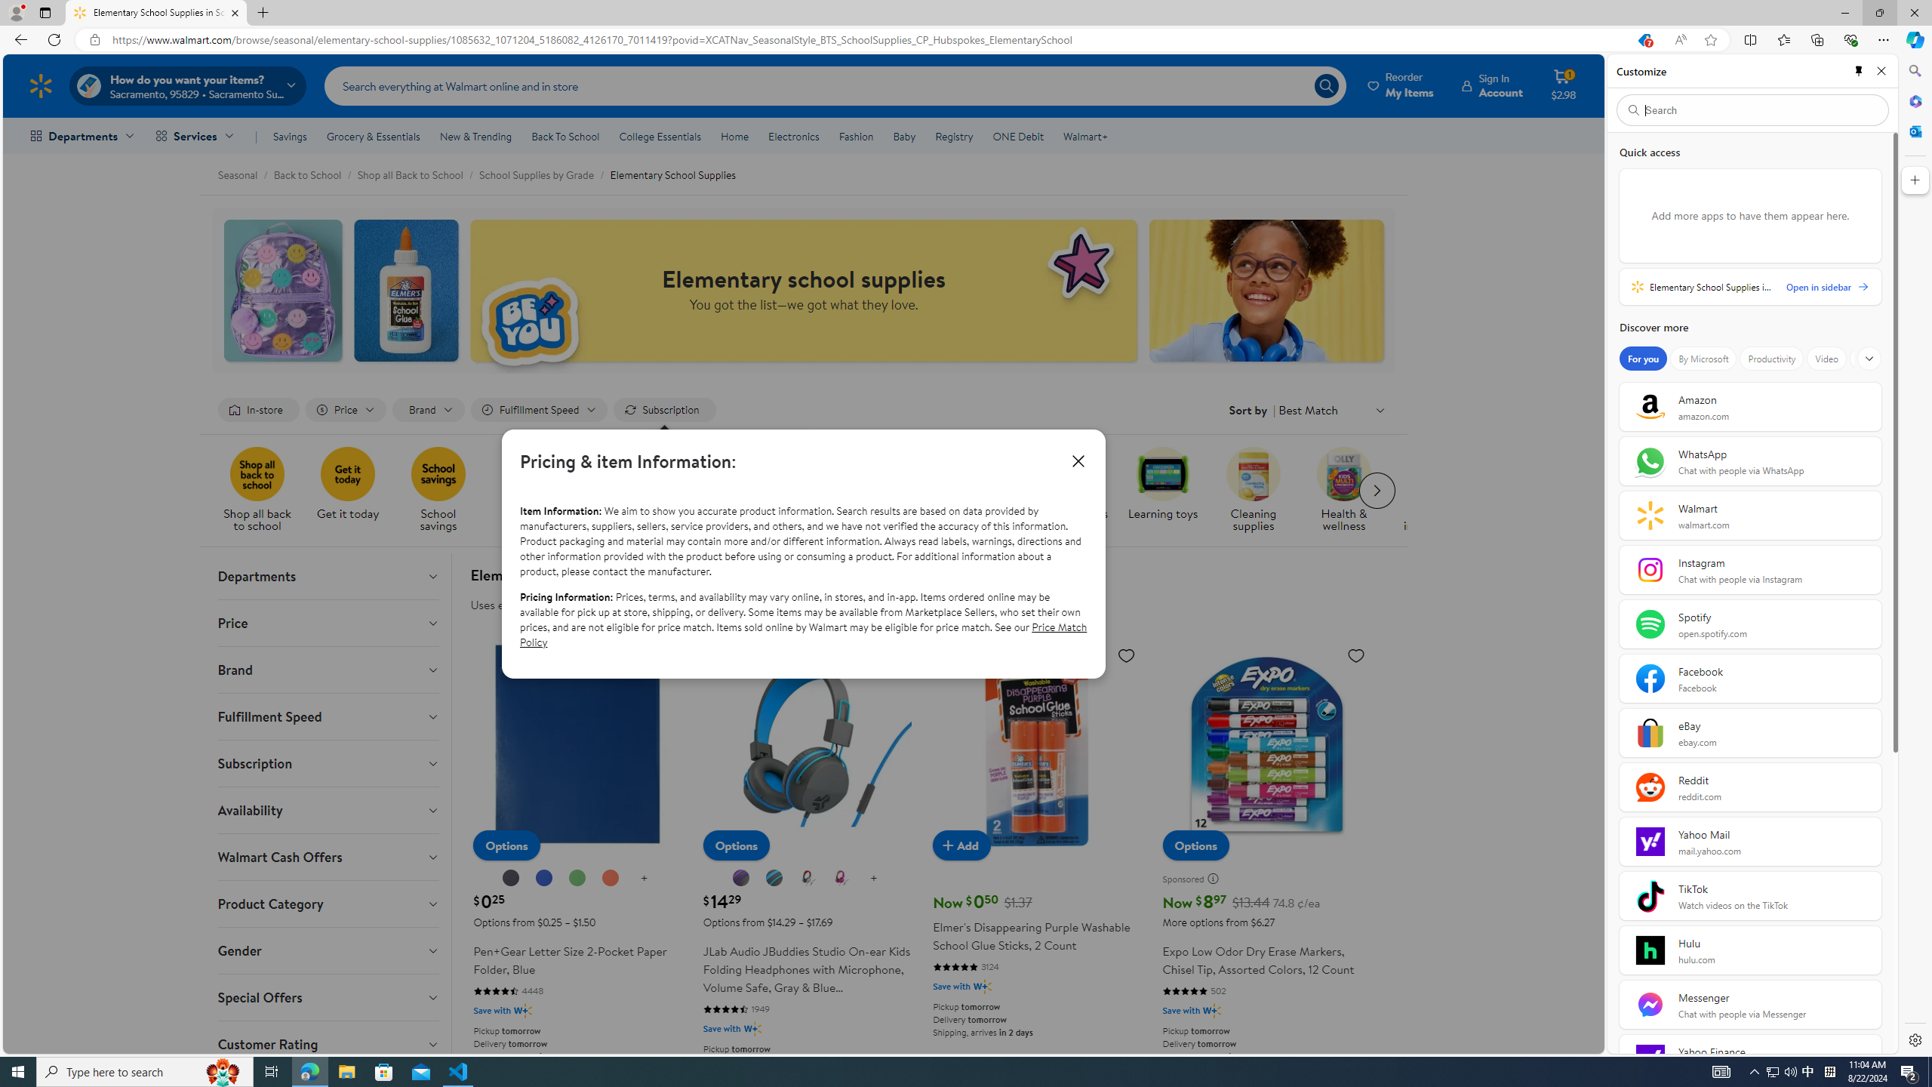  What do you see at coordinates (1702, 358) in the screenshot?
I see `'By Microsoft'` at bounding box center [1702, 358].